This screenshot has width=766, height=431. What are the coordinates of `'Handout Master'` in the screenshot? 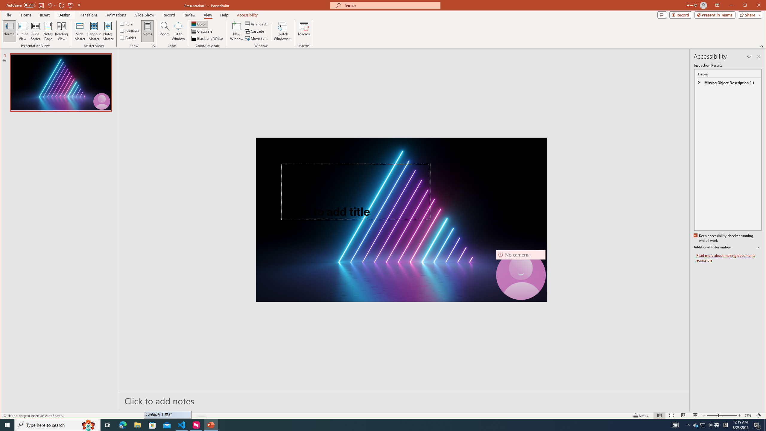 It's located at (94, 31).